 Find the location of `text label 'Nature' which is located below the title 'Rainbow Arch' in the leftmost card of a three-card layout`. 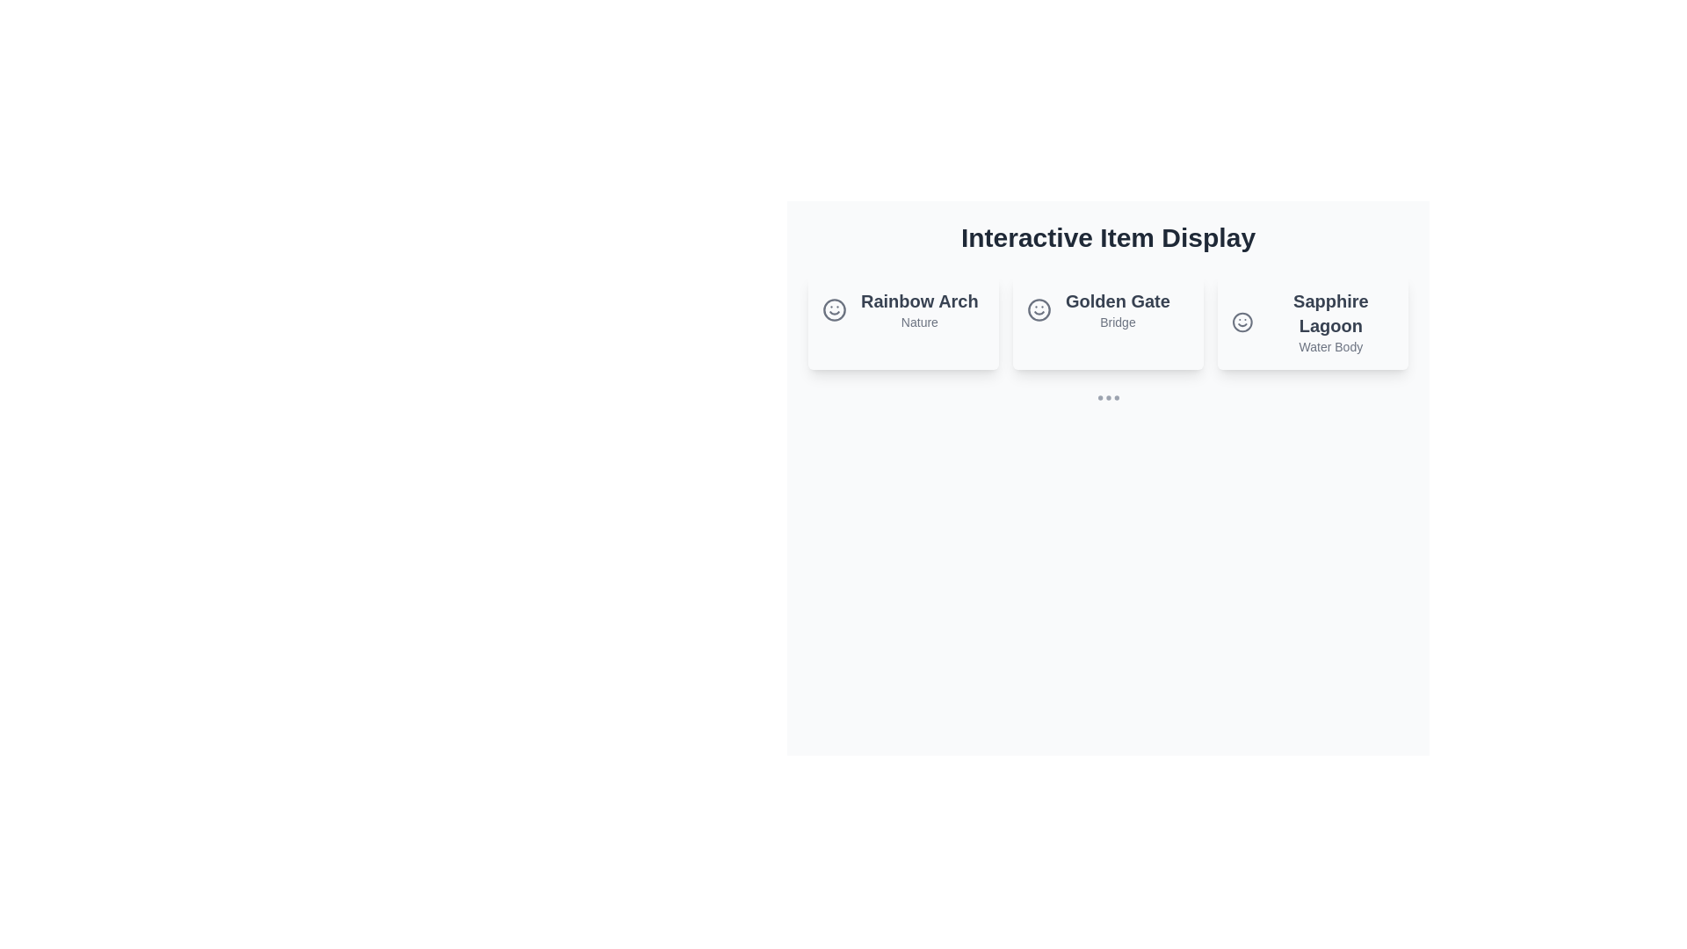

text label 'Nature' which is located below the title 'Rainbow Arch' in the leftmost card of a three-card layout is located at coordinates (918, 322).